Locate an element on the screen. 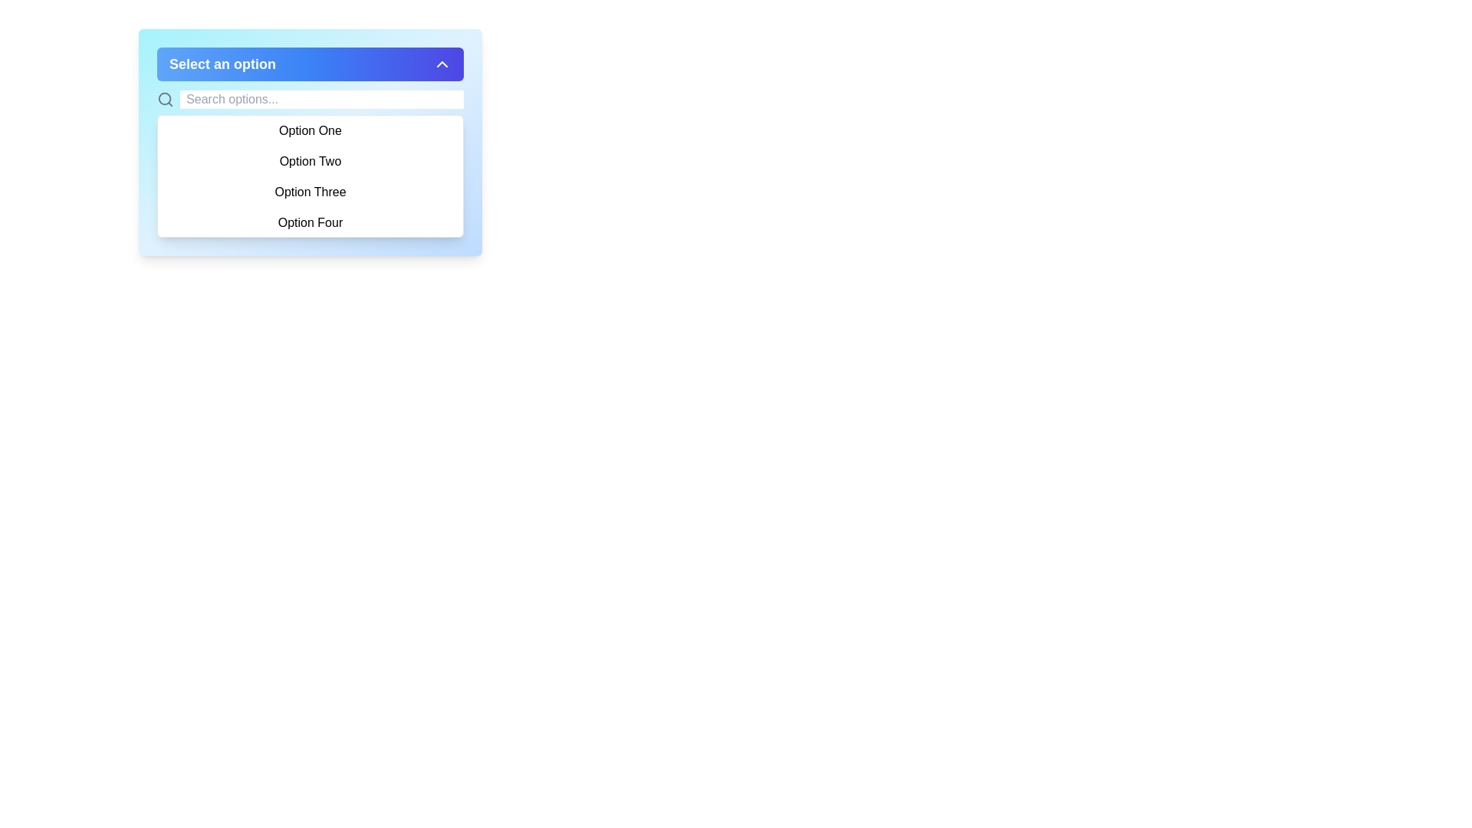 The height and width of the screenshot is (828, 1472). the first option in the dropdown menu, which is located directly below the search bar and is part of a dropdown with a white background and blue border is located at coordinates (309, 130).